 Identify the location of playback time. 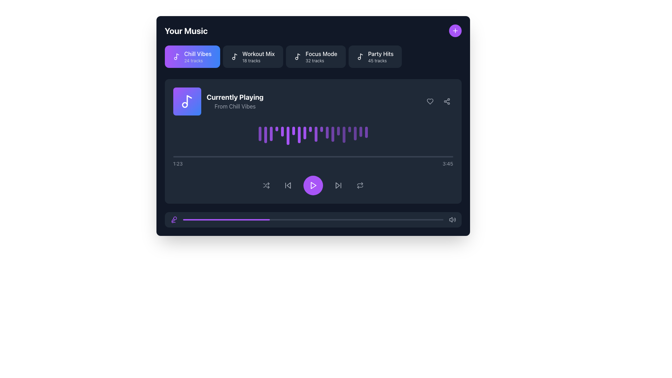
(350, 156).